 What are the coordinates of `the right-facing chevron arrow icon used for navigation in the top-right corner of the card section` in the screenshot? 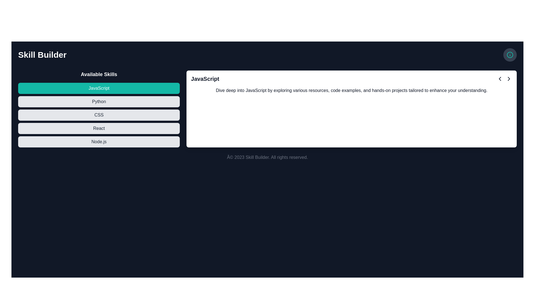 It's located at (509, 79).